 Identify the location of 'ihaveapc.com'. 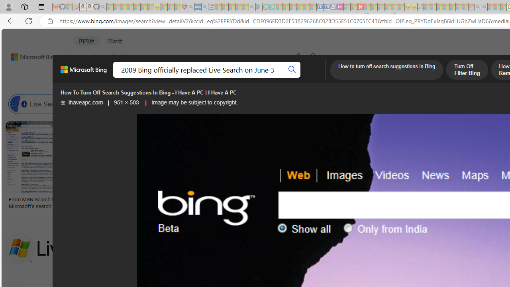
(81, 102).